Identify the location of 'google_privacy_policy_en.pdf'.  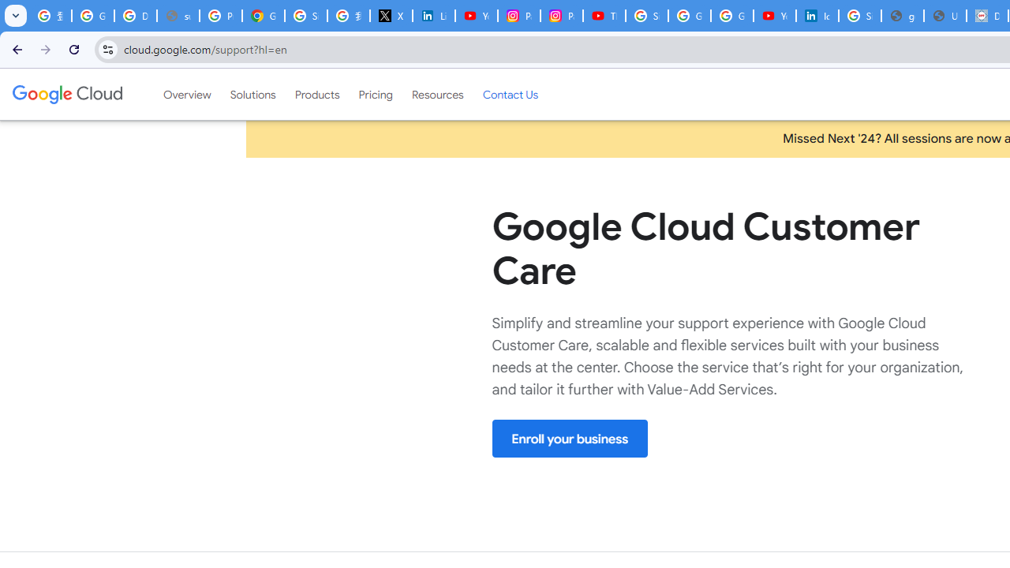
(903, 16).